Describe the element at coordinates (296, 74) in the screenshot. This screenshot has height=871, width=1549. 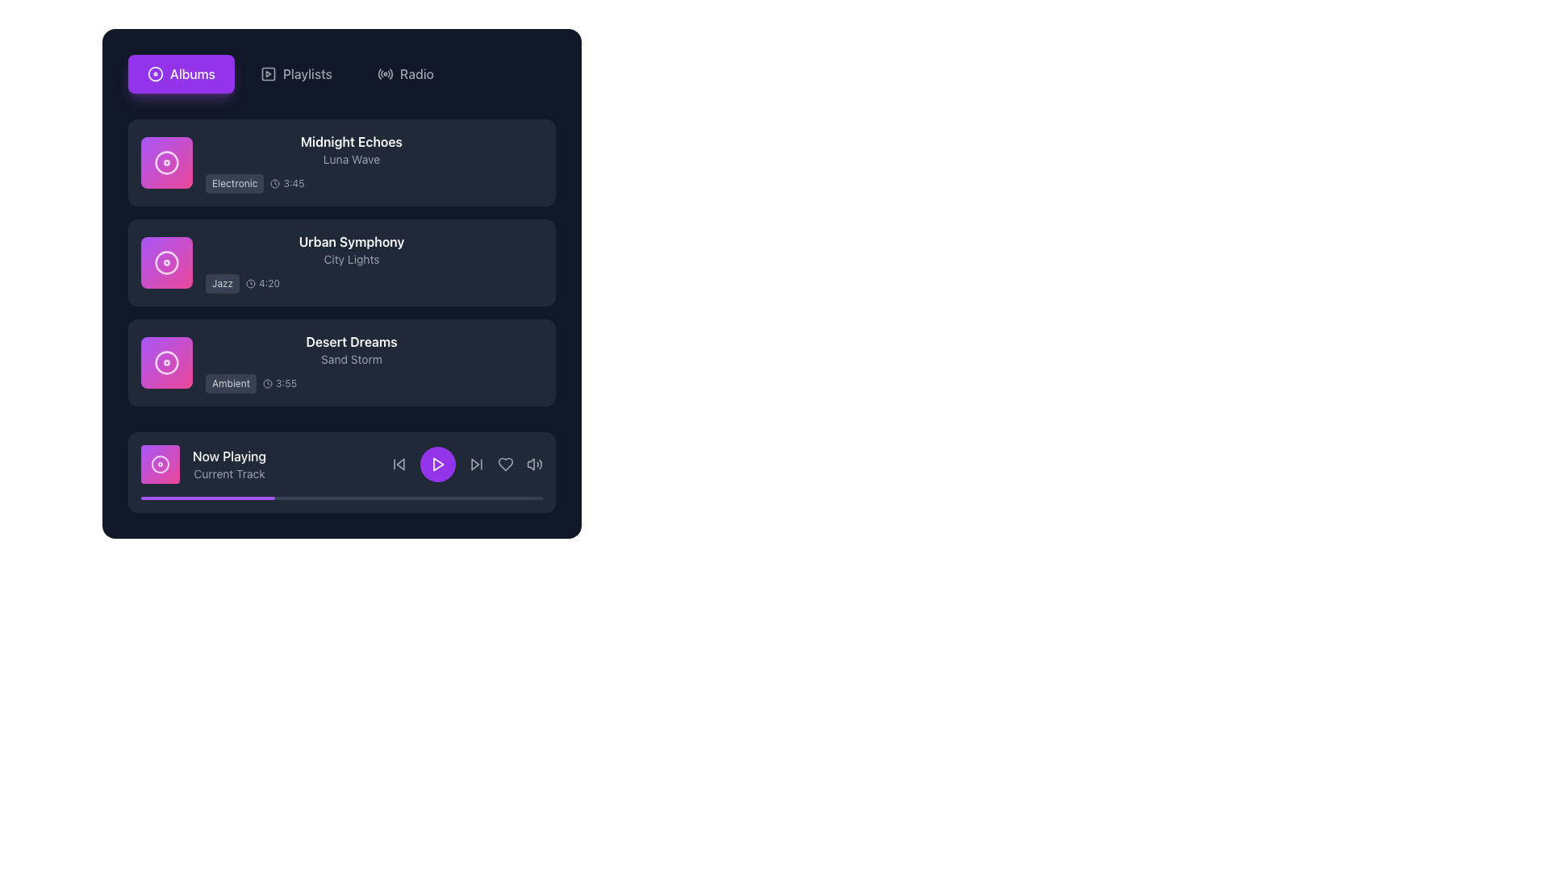
I see `the 'Playlists' button, which is the second button from the left in a horizontal group of three buttons at the top section of the interface` at that location.